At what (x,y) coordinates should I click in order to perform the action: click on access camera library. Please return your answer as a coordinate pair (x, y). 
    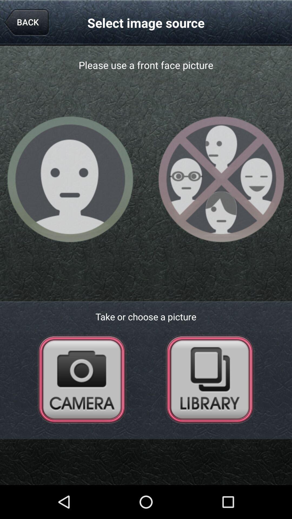
    Looking at the image, I should click on (210, 379).